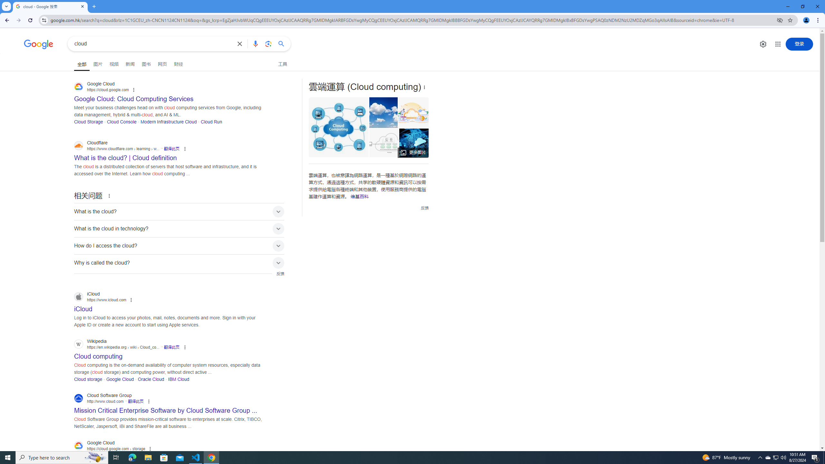 Image resolution: width=825 pixels, height=464 pixels. I want to click on 'Cloud Storage', so click(88, 121).